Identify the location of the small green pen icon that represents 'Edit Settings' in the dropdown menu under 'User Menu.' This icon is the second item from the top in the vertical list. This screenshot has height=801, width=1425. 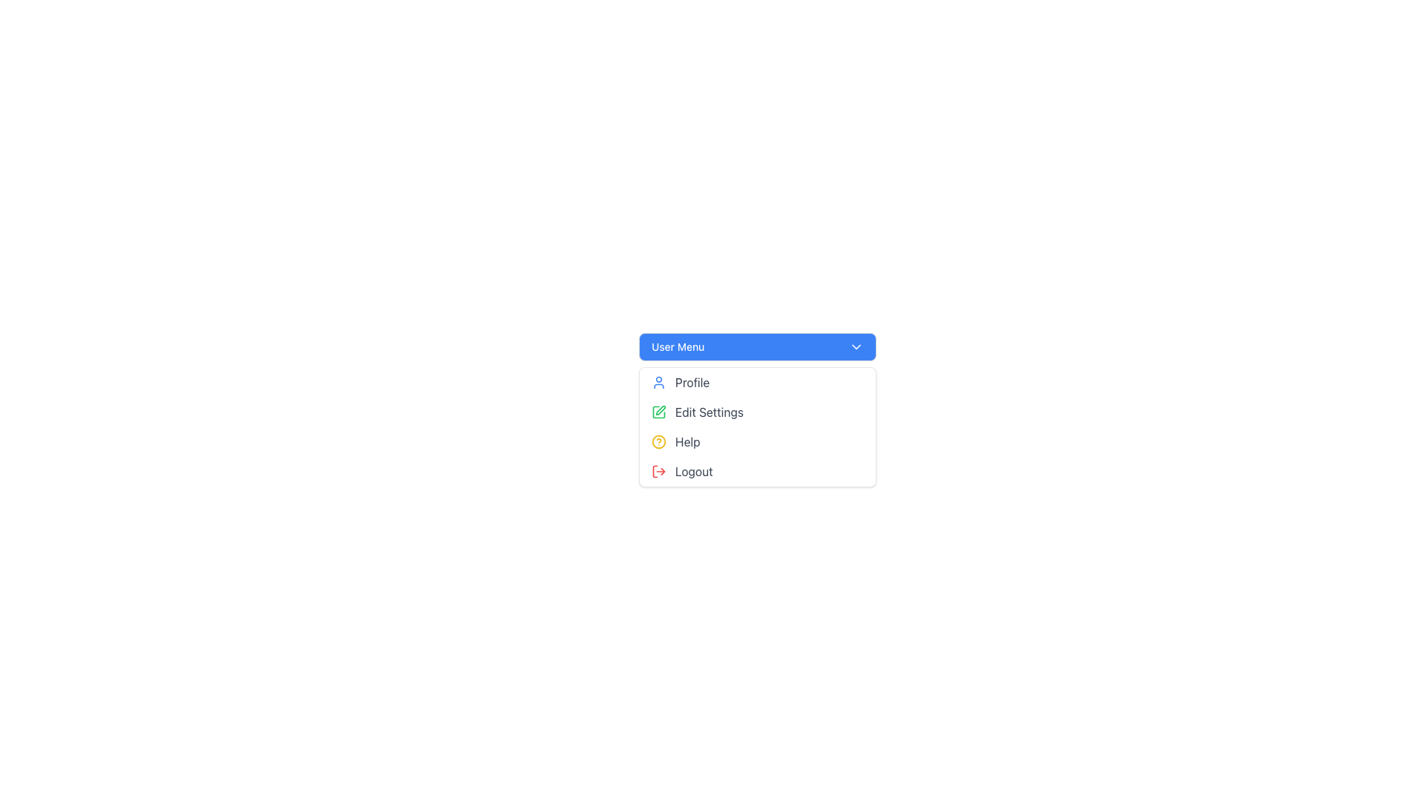
(660, 410).